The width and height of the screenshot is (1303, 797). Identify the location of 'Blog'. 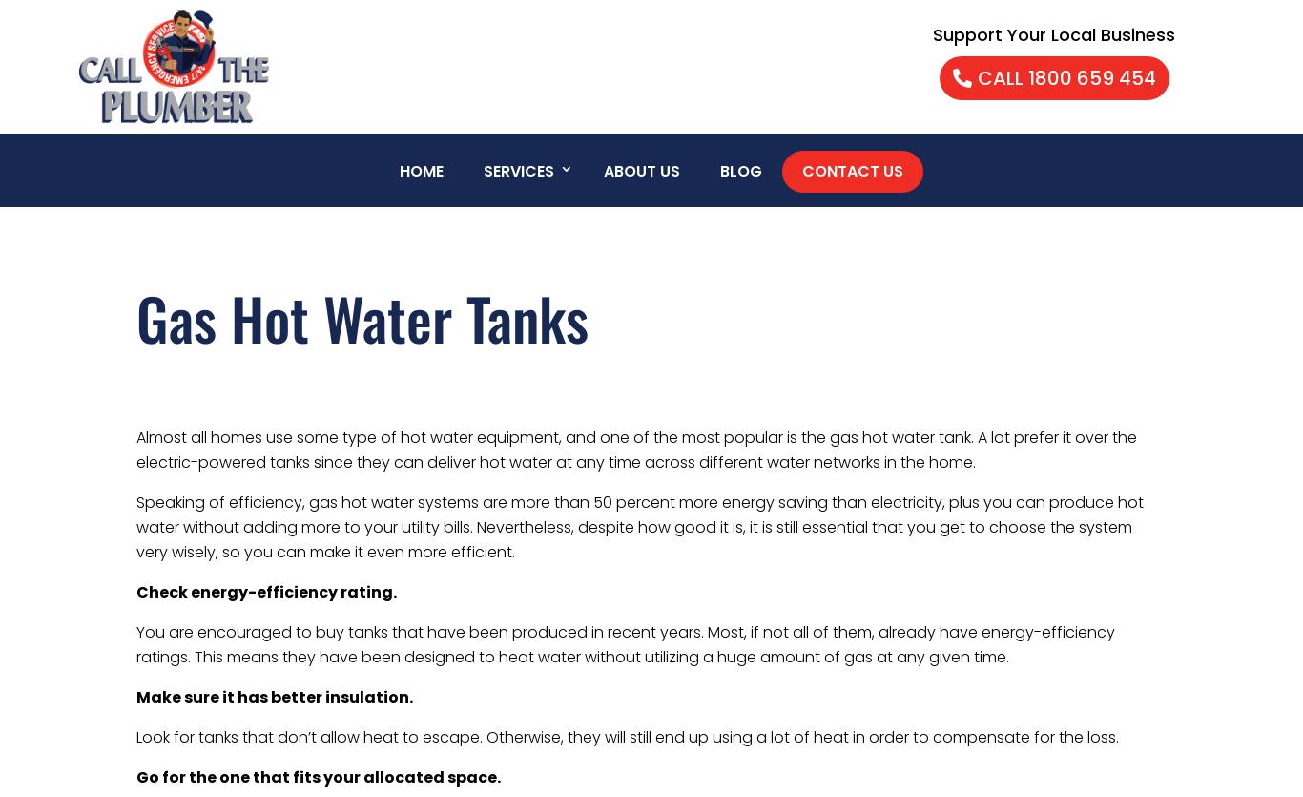
(740, 171).